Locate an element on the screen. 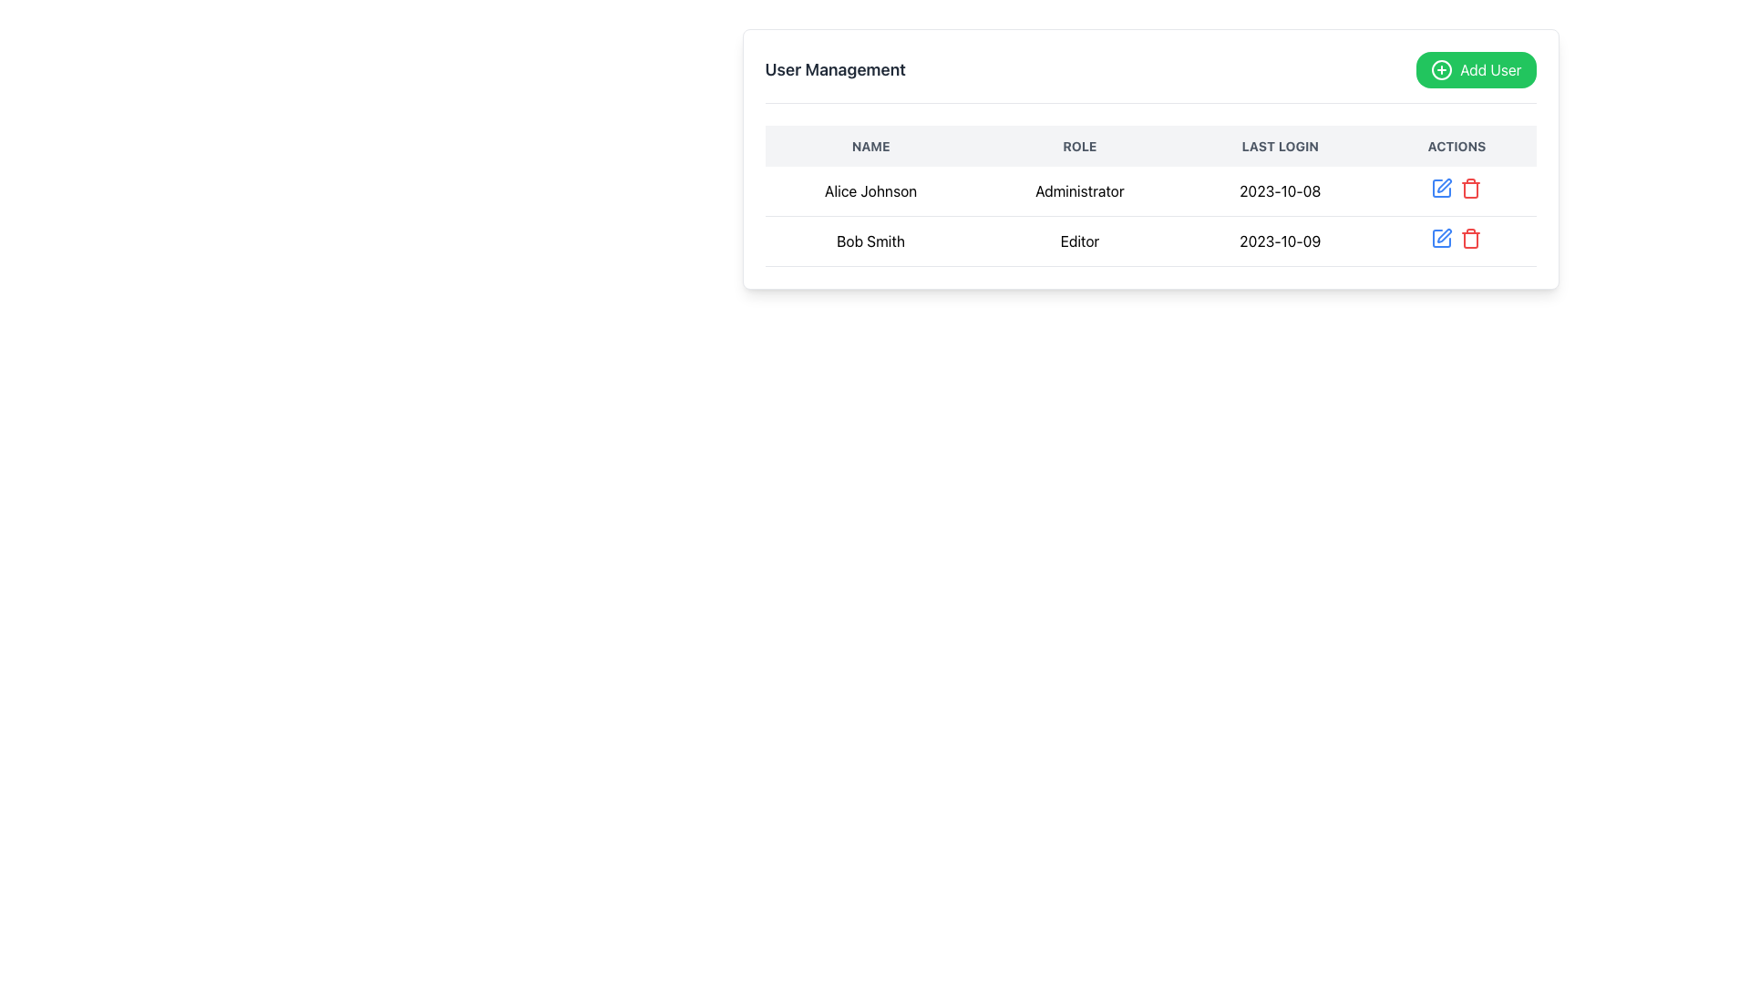  the 'Role' column header in the table, which is the second column header, centrally aligned and positioned between the 'Name' and 'Last Login' columns is located at coordinates (1079, 145).